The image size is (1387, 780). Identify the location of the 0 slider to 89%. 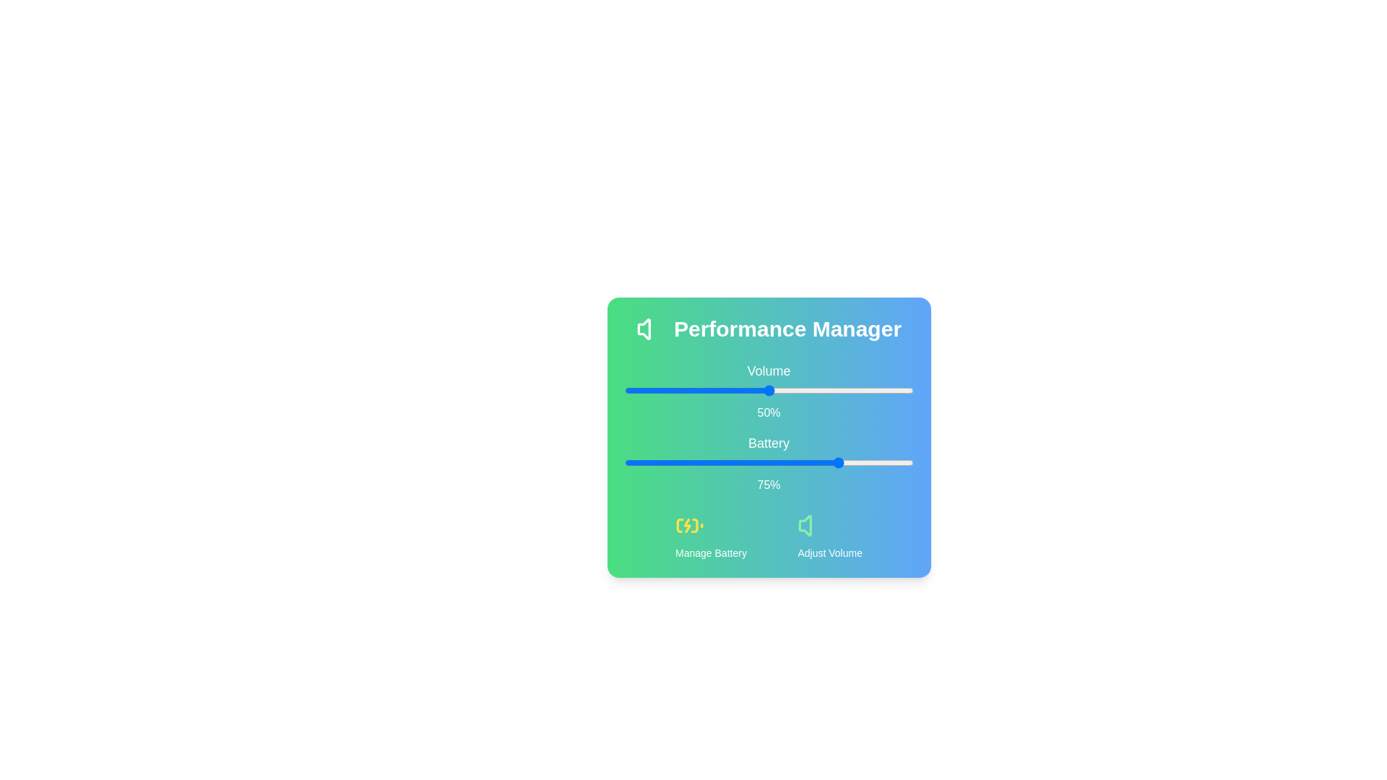
(881, 390).